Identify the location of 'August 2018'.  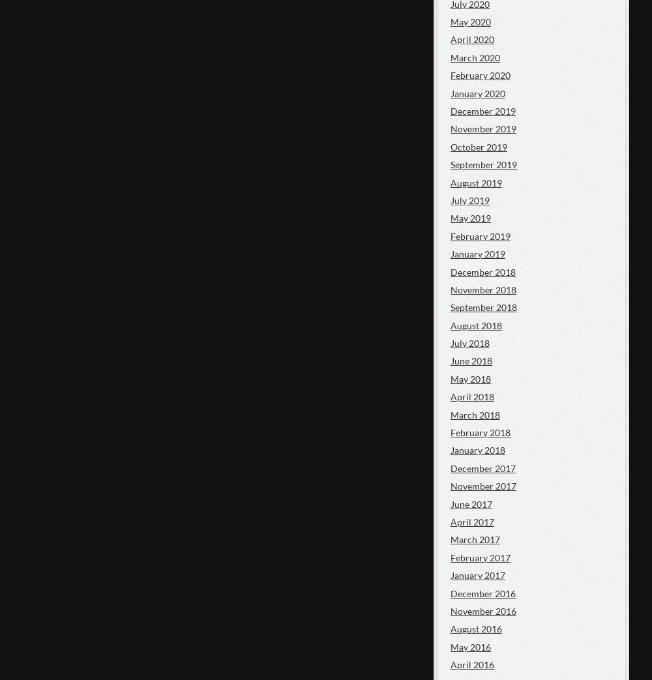
(450, 324).